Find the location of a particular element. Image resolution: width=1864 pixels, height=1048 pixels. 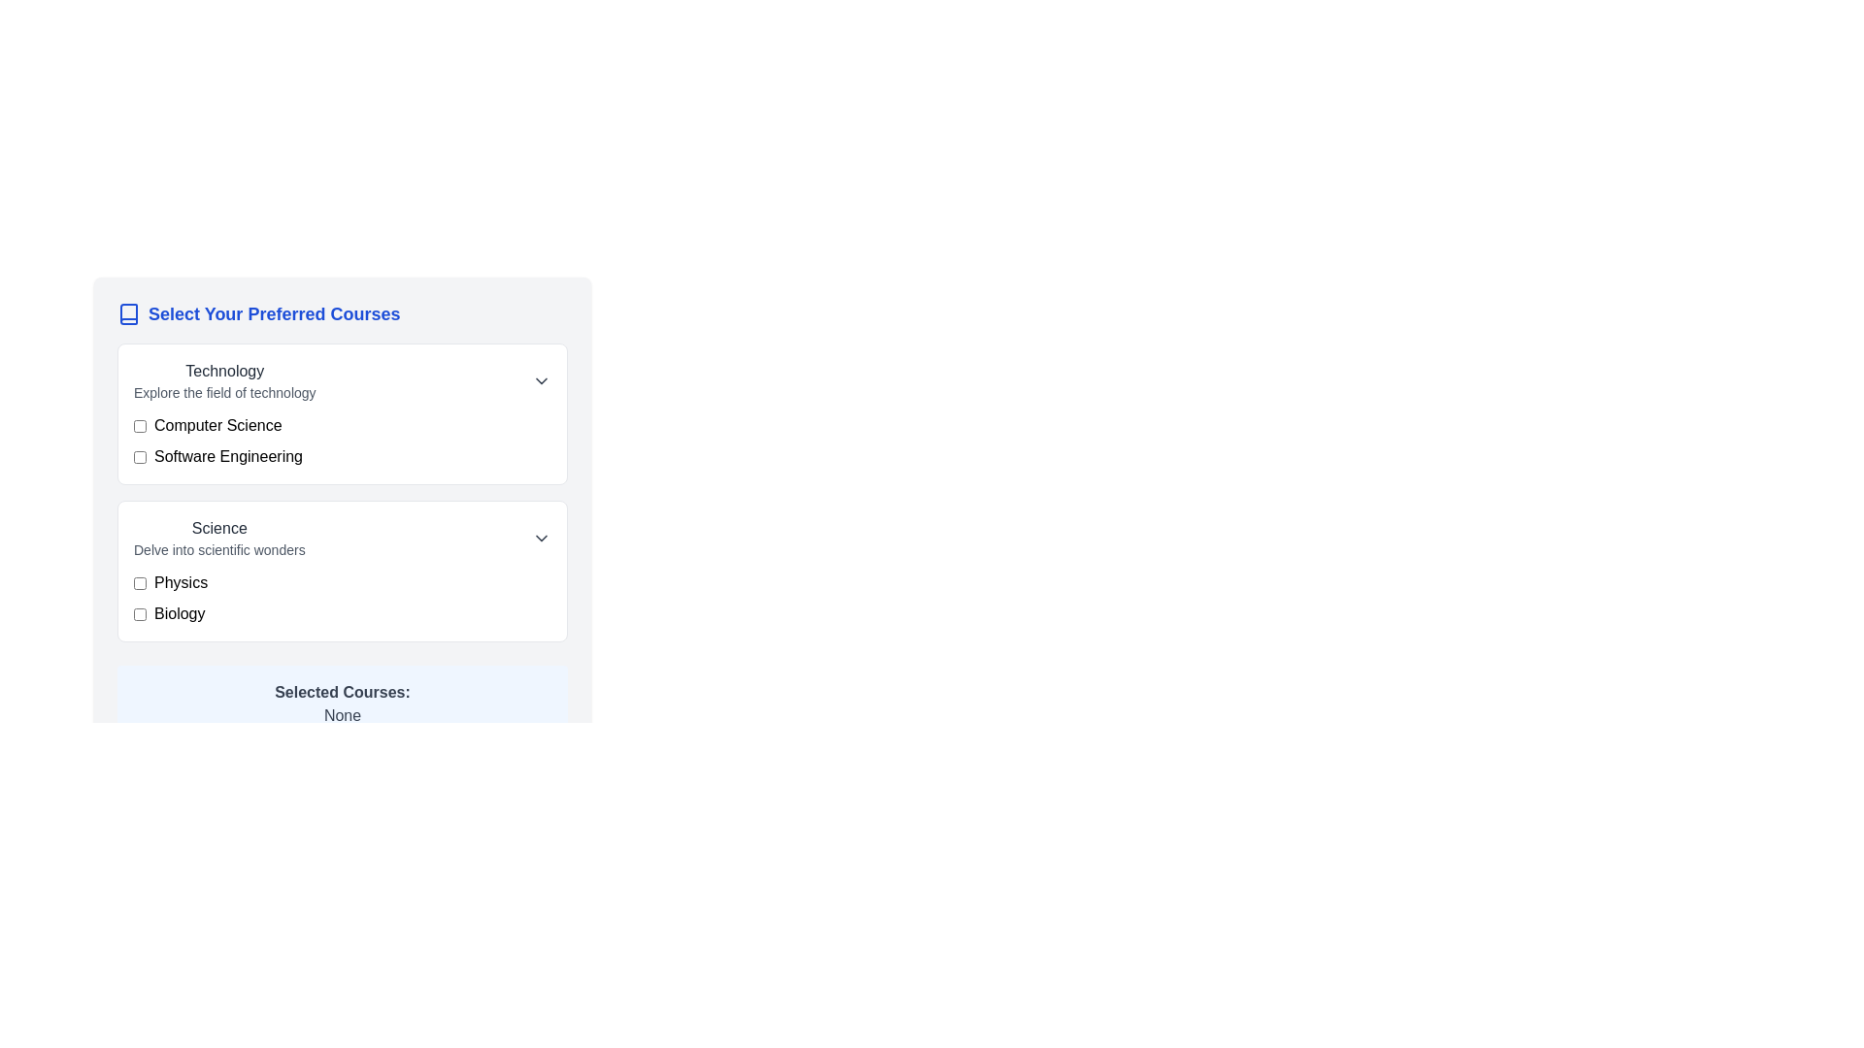

the 'Technology' label with the subtitle 'Explore the field of technology', which is located in the top-left quadrant of the 'Select Your Preferred Courses' section is located at coordinates (224, 381).